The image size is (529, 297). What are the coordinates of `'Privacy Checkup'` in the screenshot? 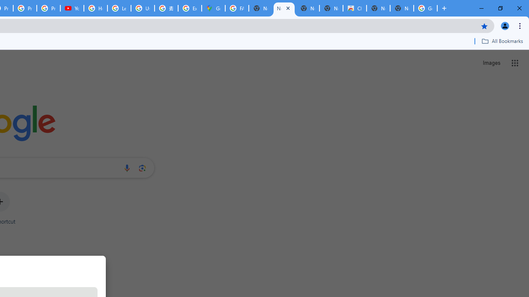 It's located at (25, 8).